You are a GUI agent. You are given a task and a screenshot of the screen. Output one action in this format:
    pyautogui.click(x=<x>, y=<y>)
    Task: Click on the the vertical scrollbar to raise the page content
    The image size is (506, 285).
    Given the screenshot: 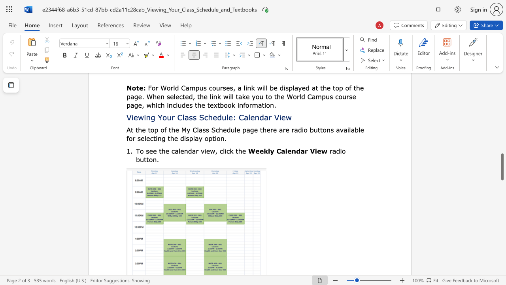 What is the action you would take?
    pyautogui.click(x=502, y=115)
    